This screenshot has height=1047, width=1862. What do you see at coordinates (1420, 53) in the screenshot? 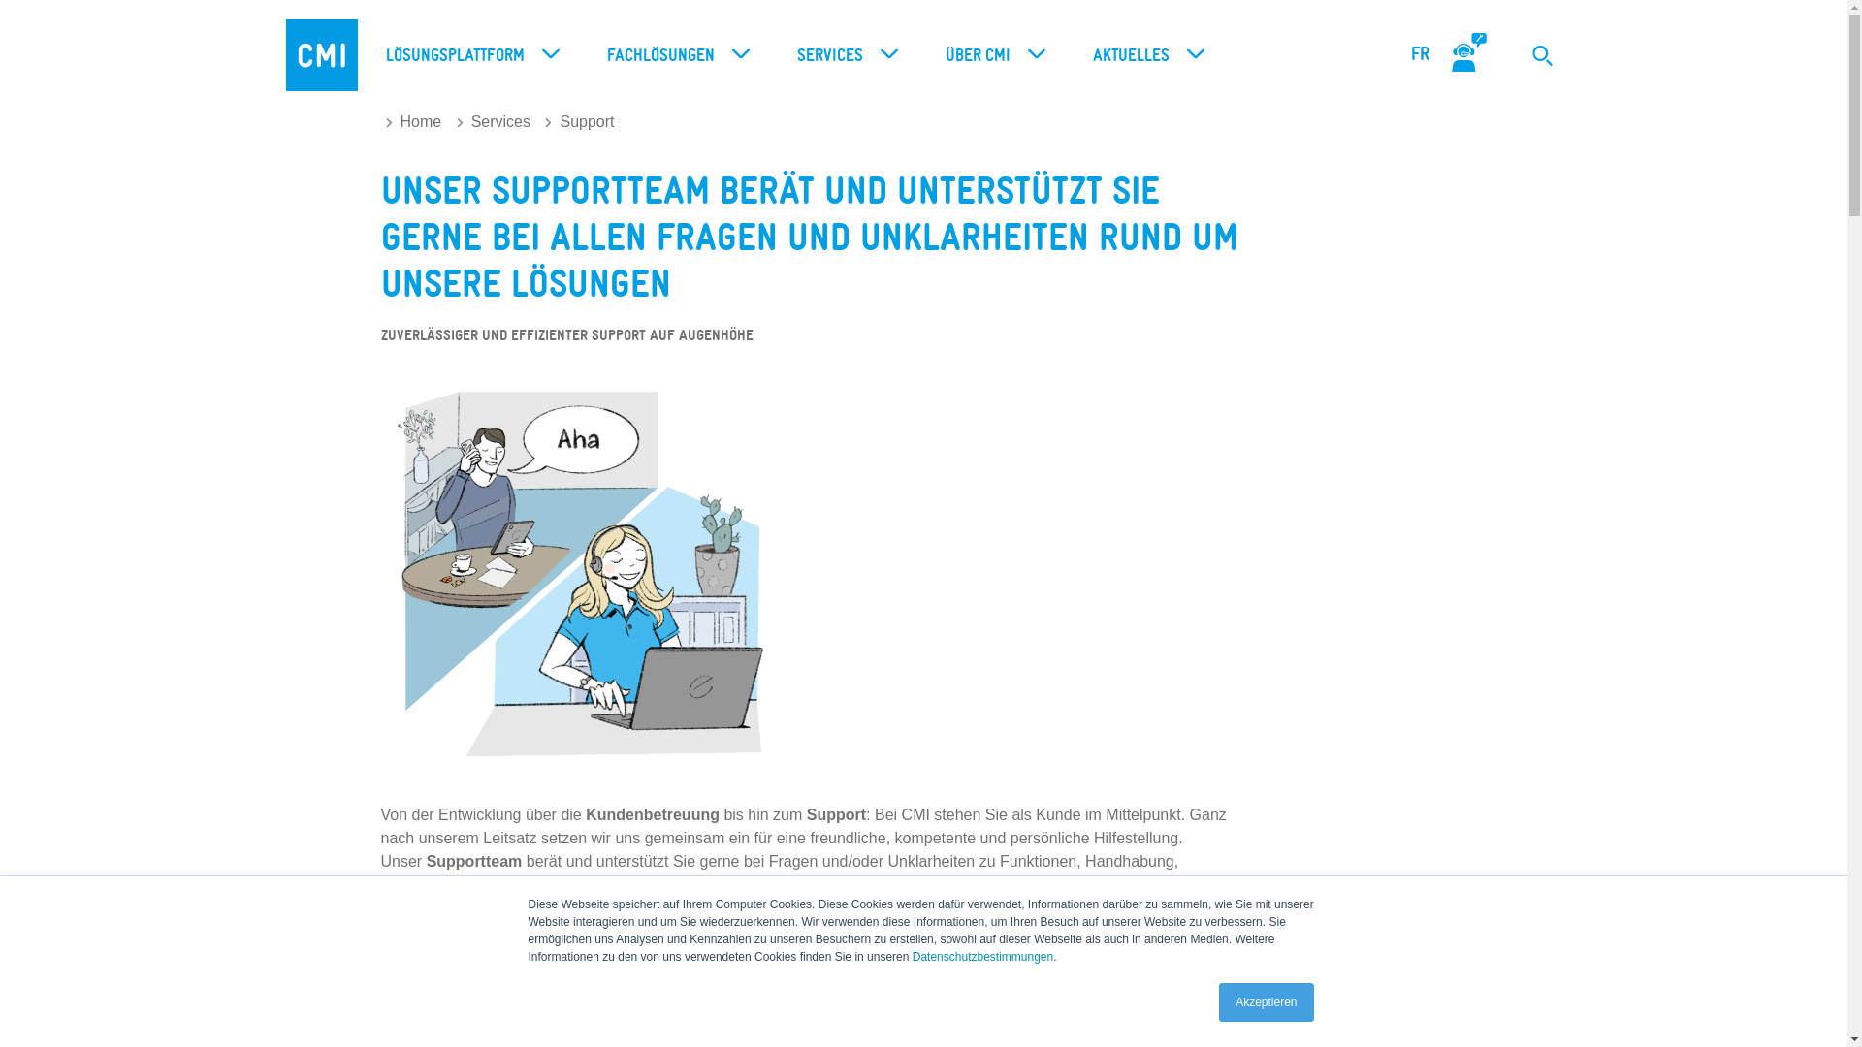
I see `'FR'` at bounding box center [1420, 53].